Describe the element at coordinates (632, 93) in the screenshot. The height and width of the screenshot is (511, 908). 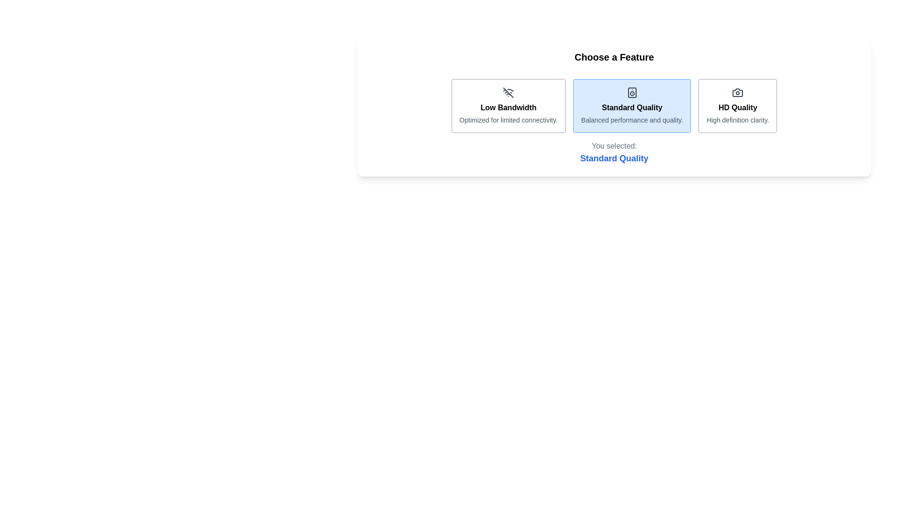
I see `the 'Standard Quality' icon, which visually represents the 'Standard Quality' feature option, located centrally above the text 'Standard Quality' in the selection card` at that location.